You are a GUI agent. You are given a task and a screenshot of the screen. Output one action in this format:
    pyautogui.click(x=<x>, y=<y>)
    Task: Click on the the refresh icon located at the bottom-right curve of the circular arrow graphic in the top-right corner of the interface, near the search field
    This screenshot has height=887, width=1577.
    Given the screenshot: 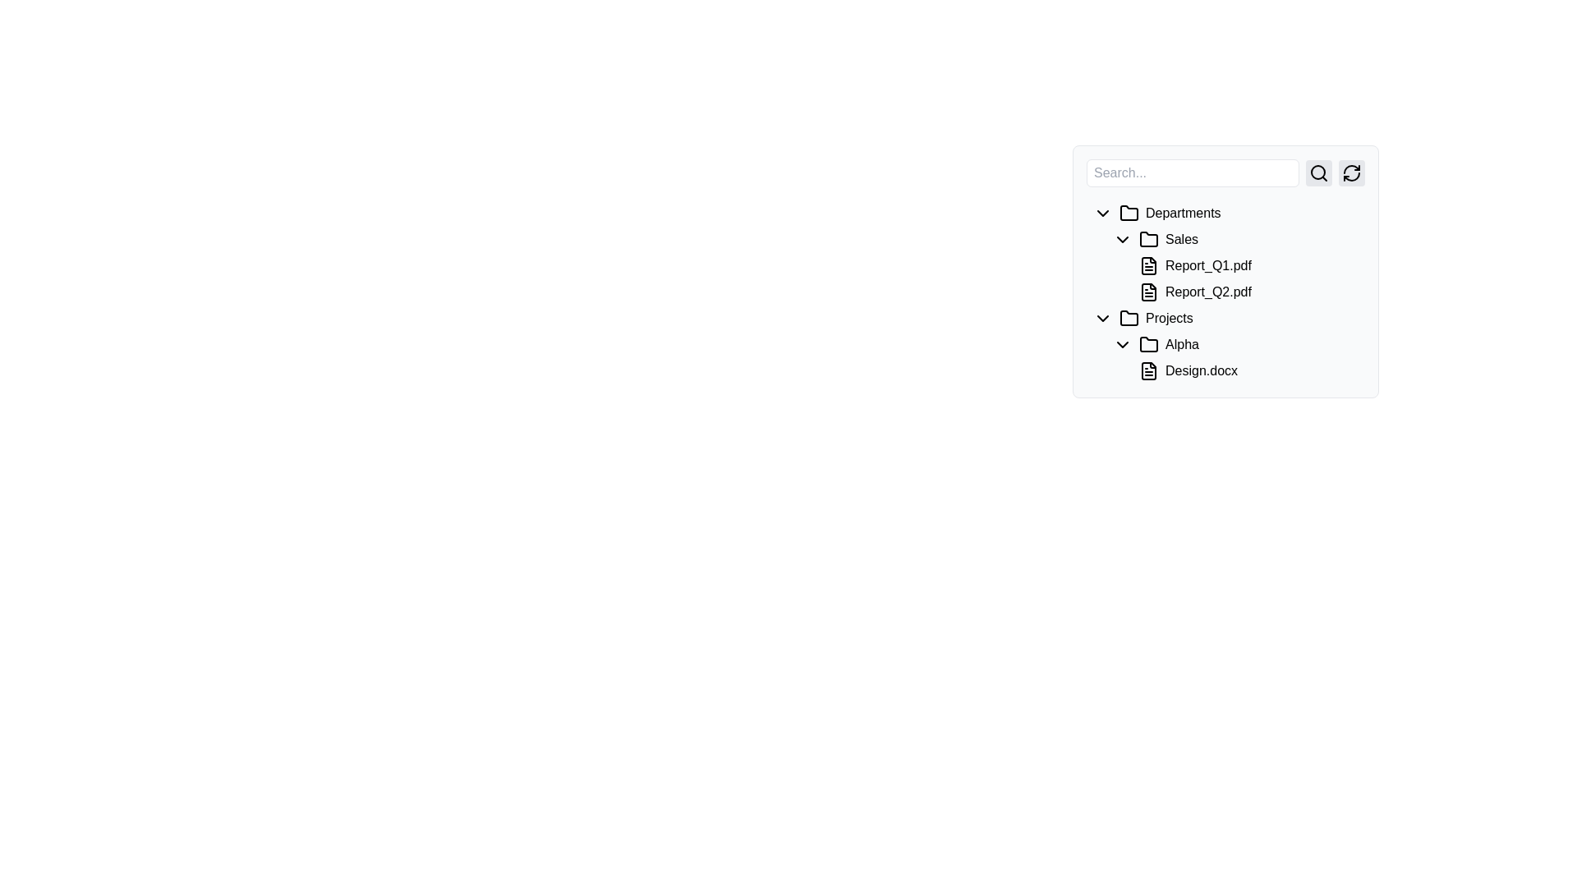 What is the action you would take?
    pyautogui.click(x=1352, y=177)
    